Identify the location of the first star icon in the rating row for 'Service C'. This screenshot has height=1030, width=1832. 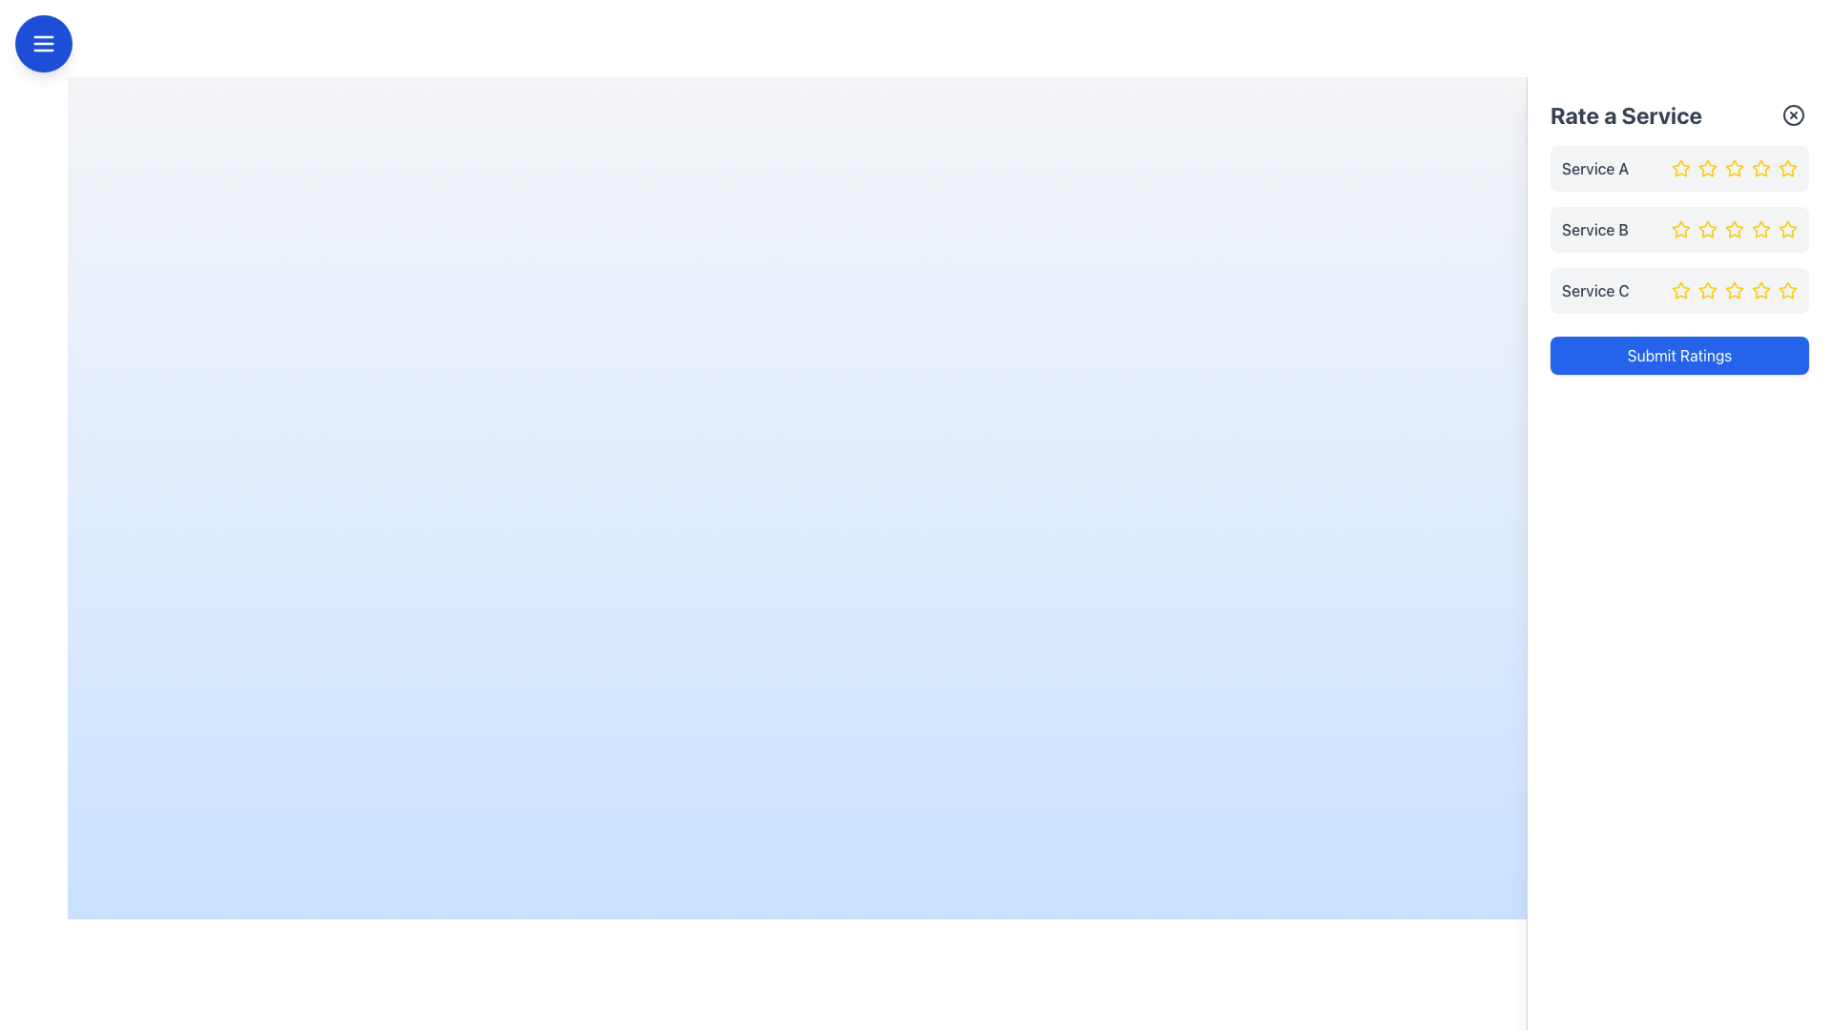
(1680, 290).